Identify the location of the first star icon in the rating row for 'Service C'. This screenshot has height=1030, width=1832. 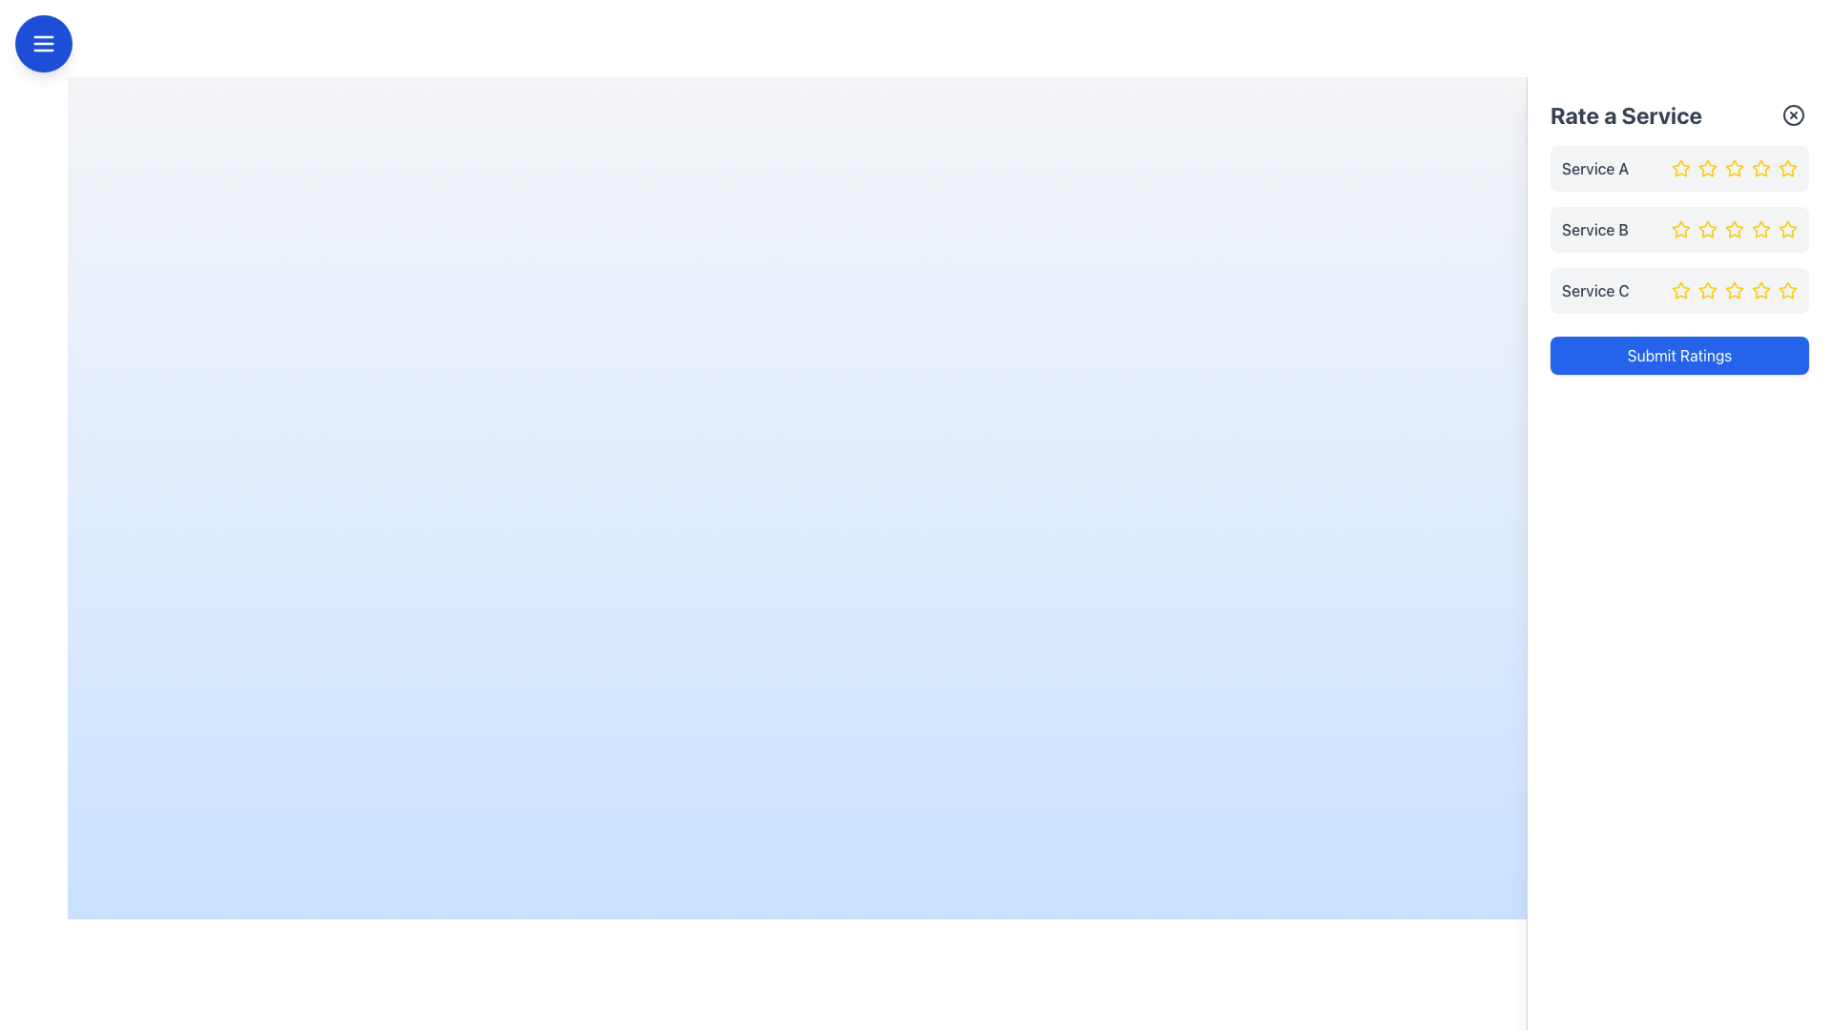
(1680, 290).